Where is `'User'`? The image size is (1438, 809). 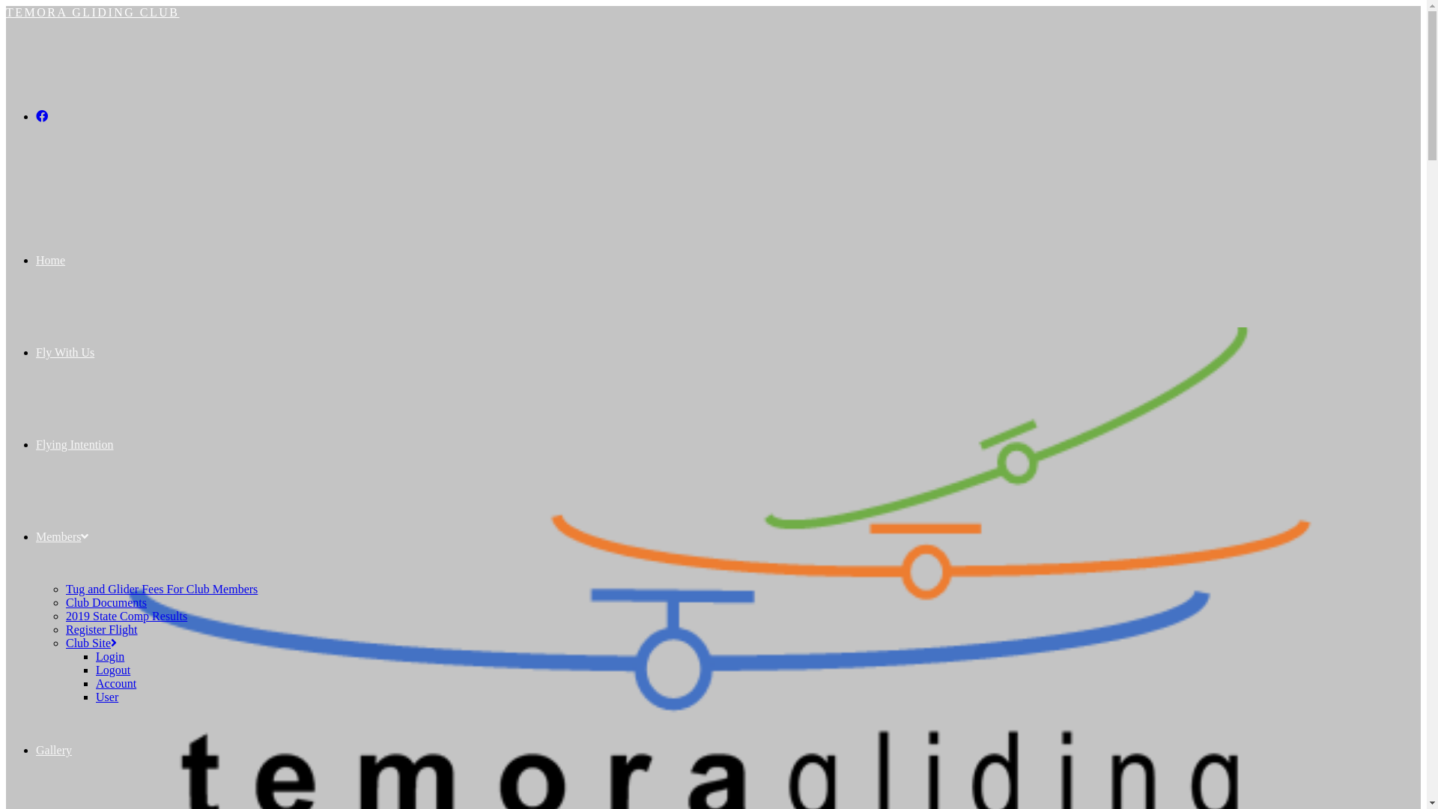 'User' is located at coordinates (95, 697).